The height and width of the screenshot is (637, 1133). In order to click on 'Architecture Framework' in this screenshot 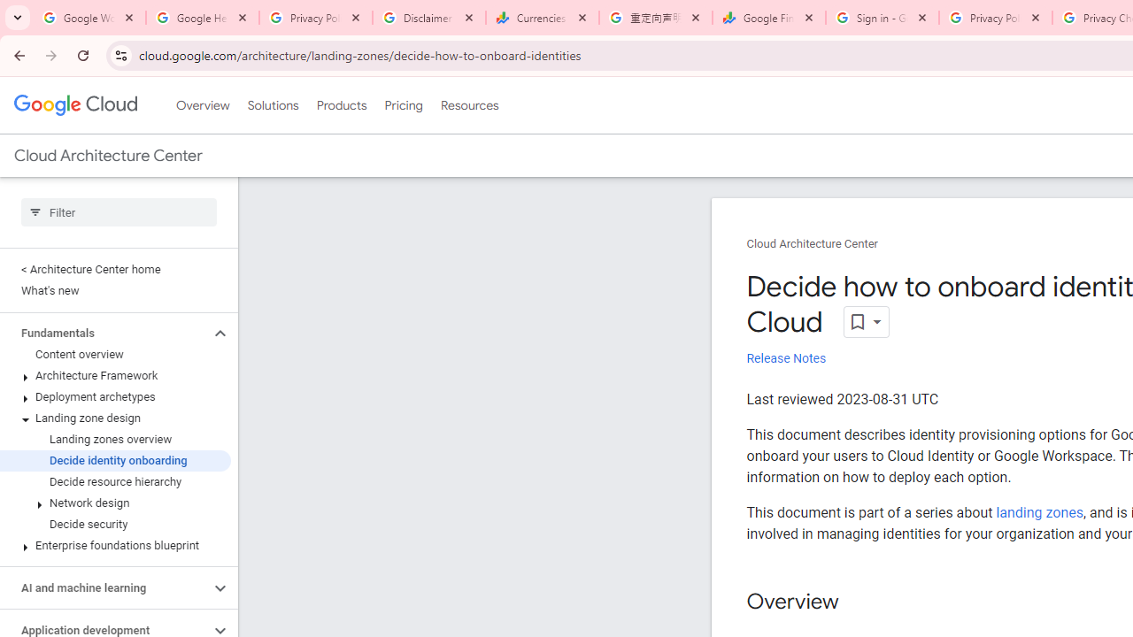, I will do `click(114, 375)`.